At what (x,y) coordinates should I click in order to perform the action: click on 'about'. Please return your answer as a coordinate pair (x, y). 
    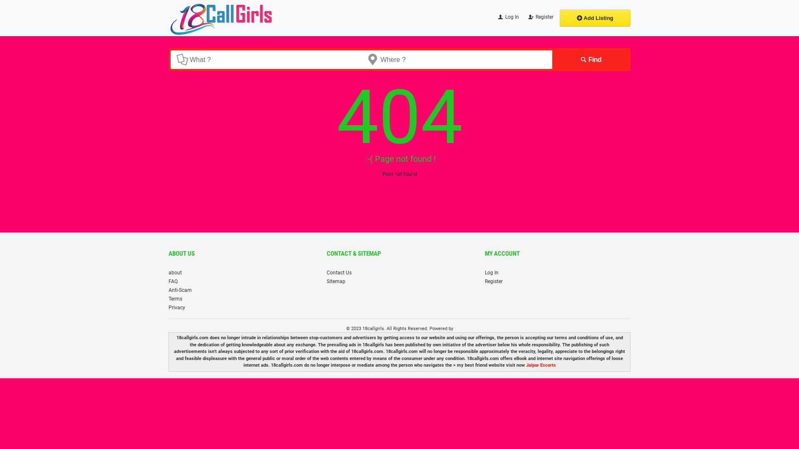
    Looking at the image, I should click on (175, 272).